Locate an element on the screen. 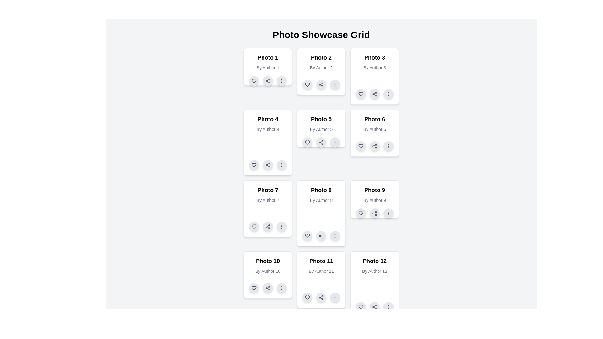 The width and height of the screenshot is (603, 339). the text label indicating the author of the content in the card titled 'Photo 6', located in the second row and third column of the grid layout is located at coordinates (375, 129).